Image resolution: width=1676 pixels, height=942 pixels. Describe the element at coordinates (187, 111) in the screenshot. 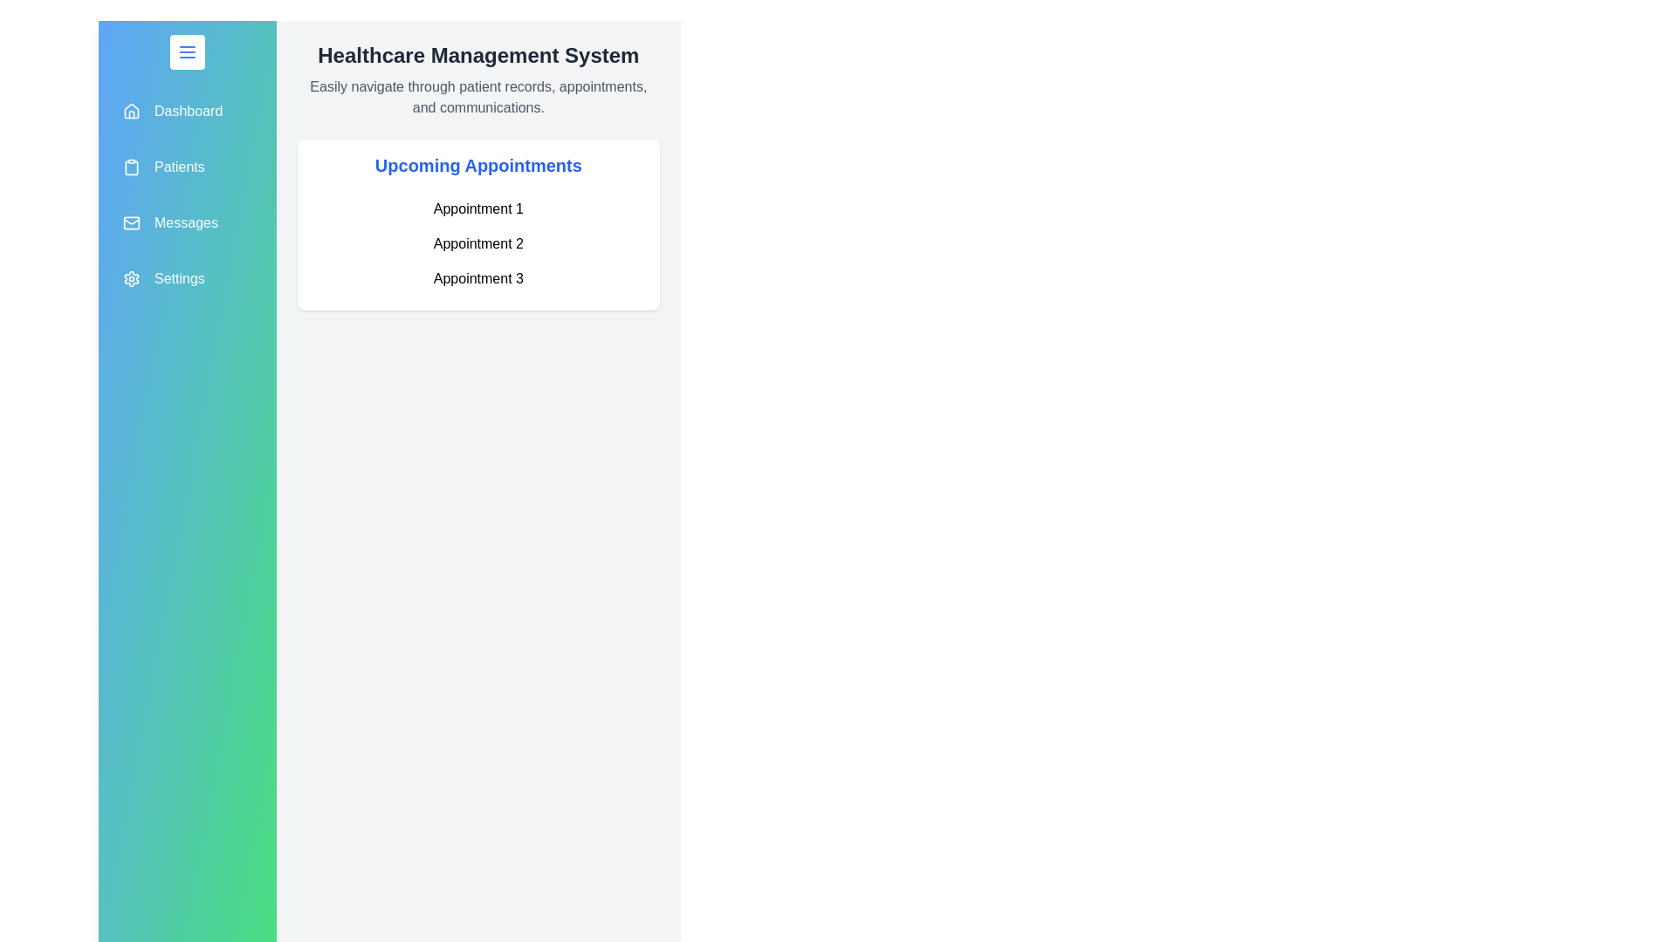

I see `the navigation item Dashboard` at that location.